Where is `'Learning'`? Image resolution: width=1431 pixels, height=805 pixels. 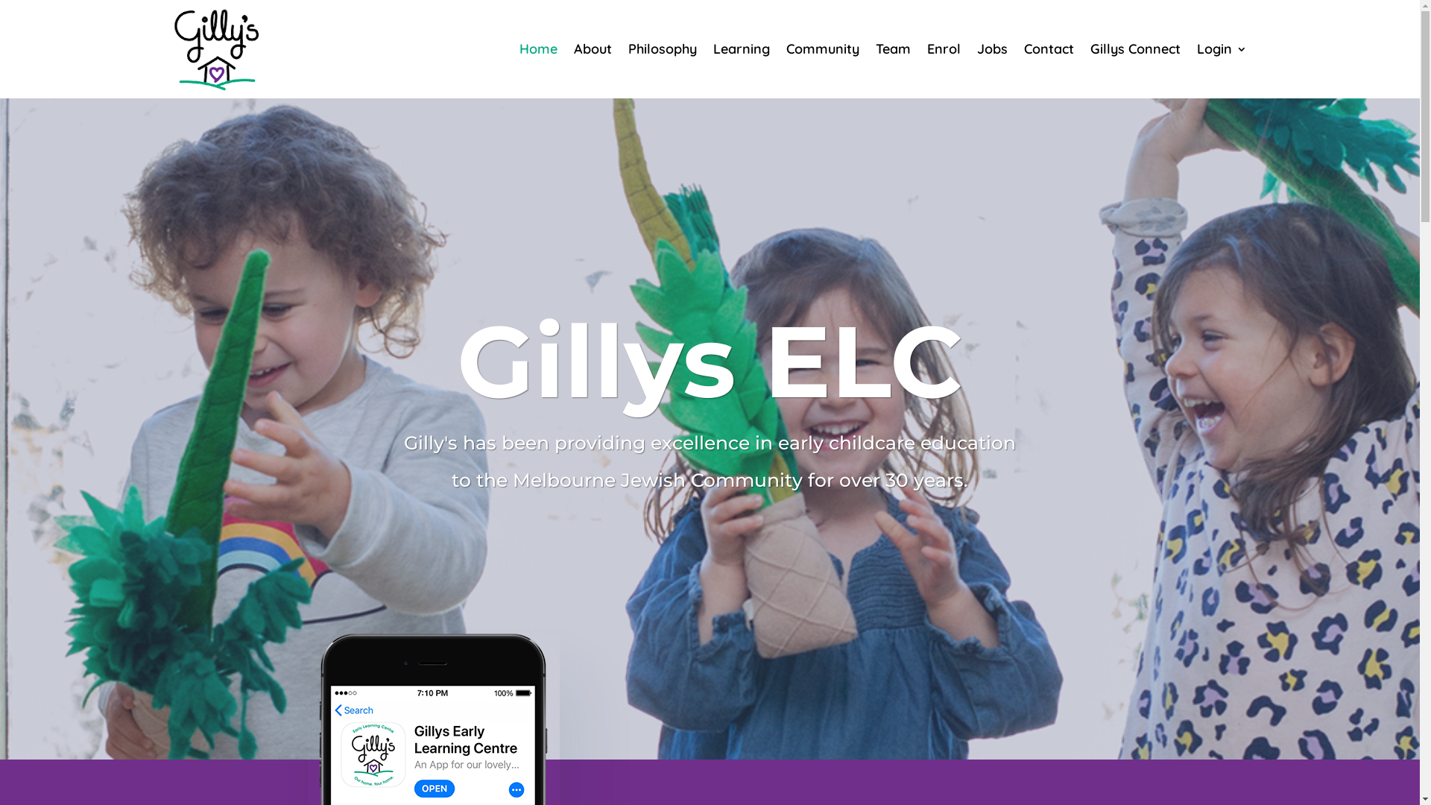 'Learning' is located at coordinates (740, 48).